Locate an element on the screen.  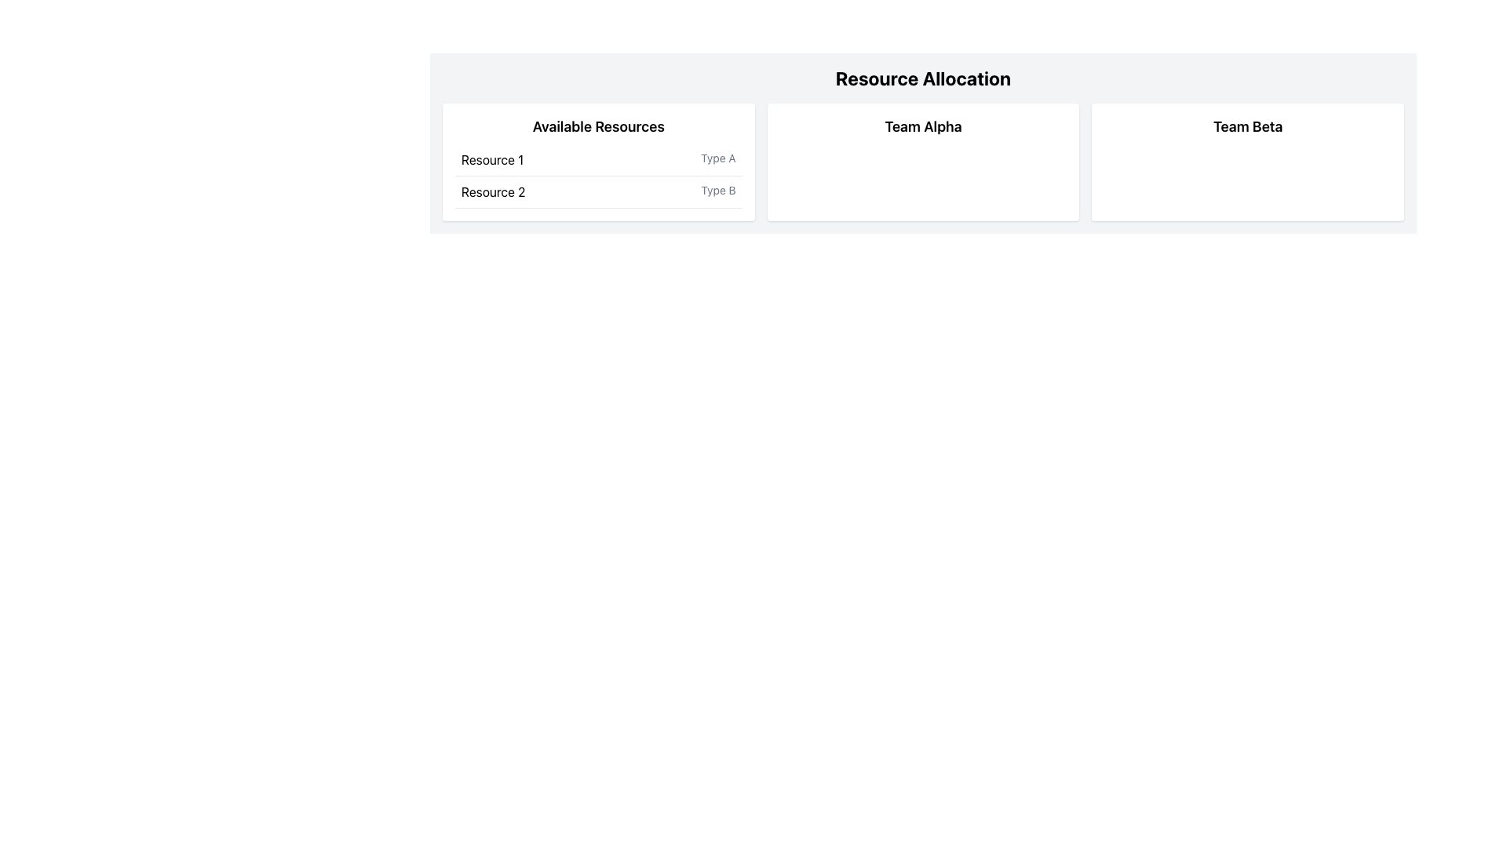
the Text Label that identifies a resource in the 'Available Resources' list, specifically the second entry aligned with 'Type B' is located at coordinates (492, 191).